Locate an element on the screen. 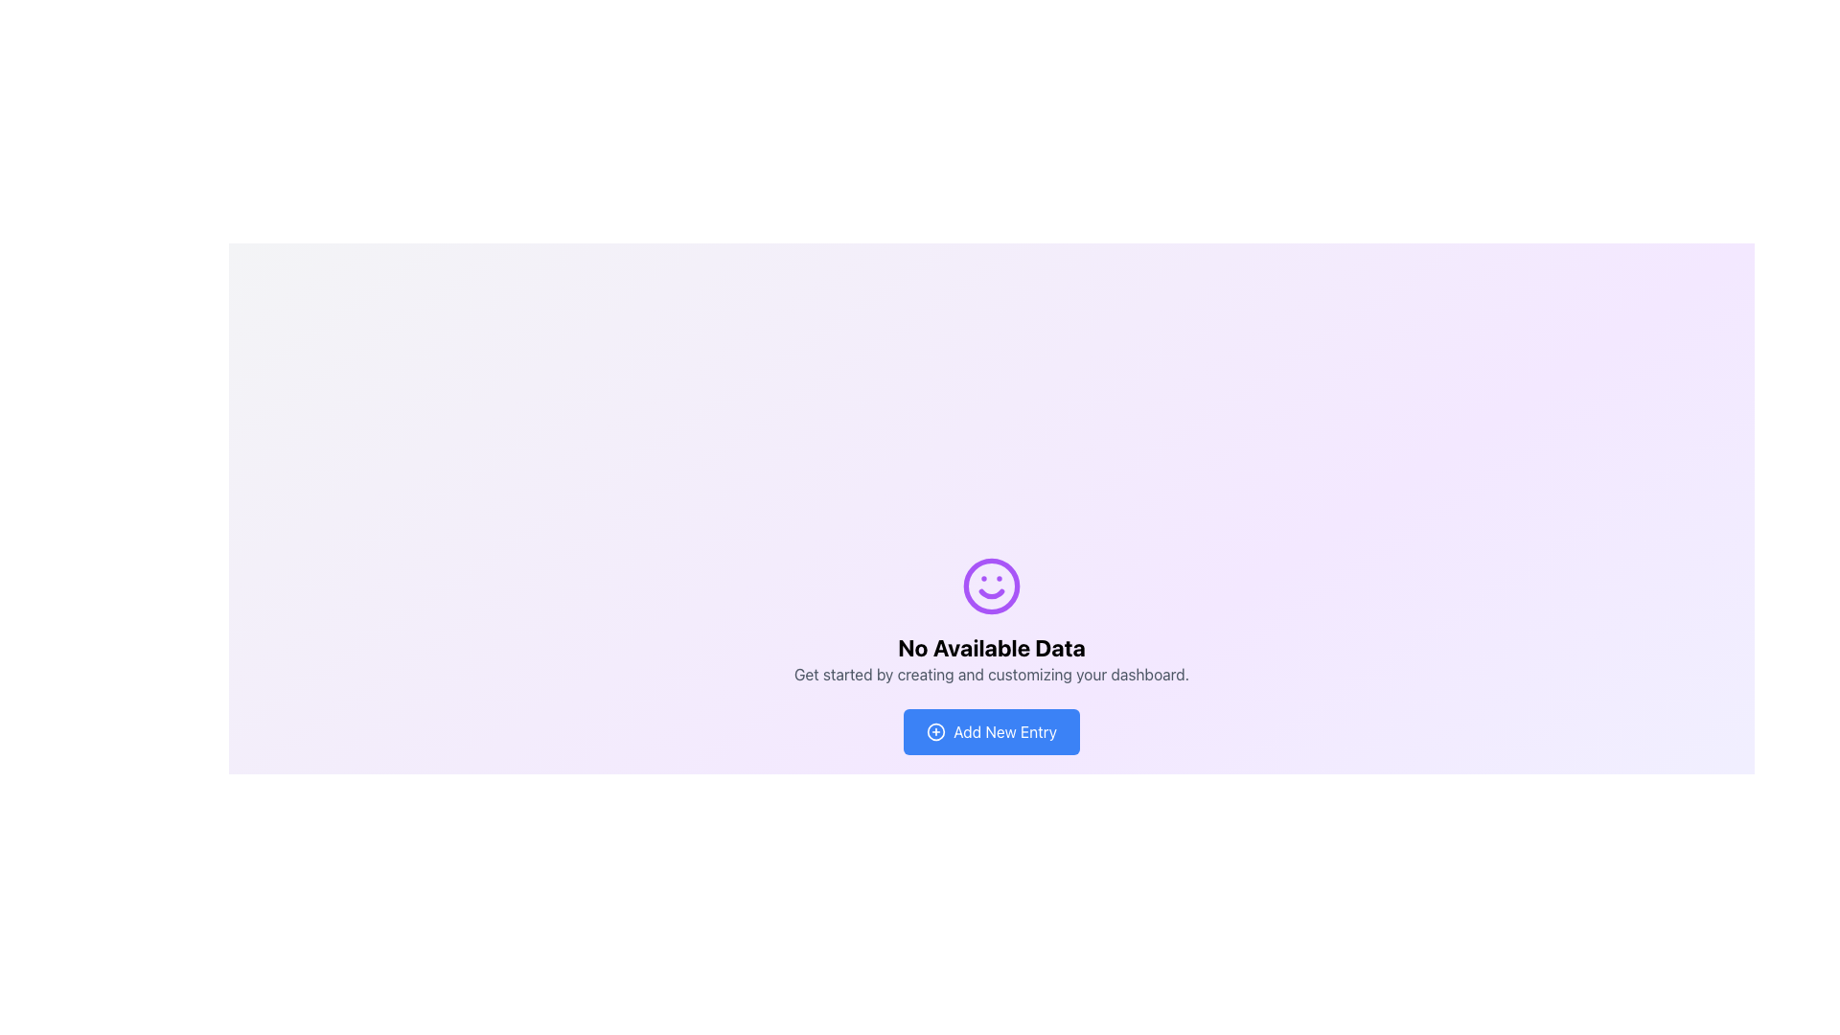  the bold, large-sized text block displaying 'No Available Data', which is centered above the text 'Get started by creating and customizing your dashboard.' is located at coordinates (992, 647).